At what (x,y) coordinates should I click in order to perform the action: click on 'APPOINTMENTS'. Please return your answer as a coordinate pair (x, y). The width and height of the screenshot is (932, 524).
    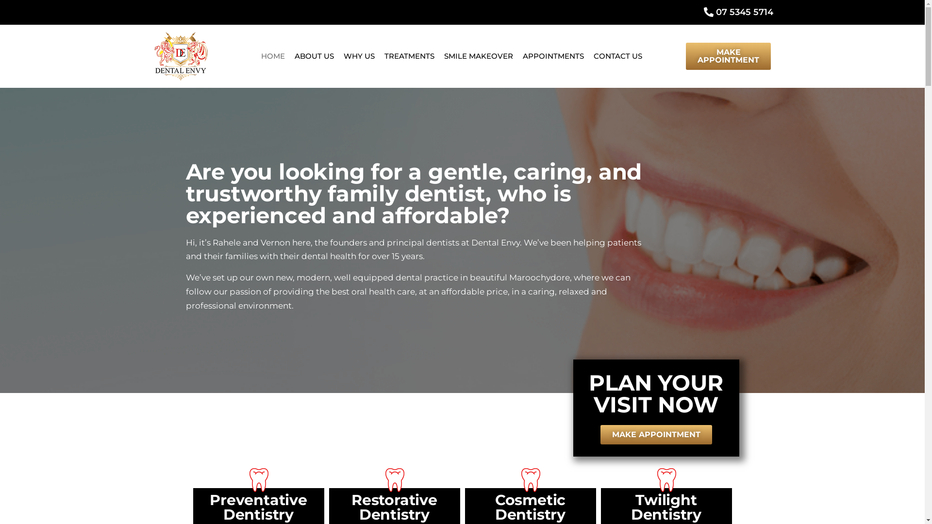
    Looking at the image, I should click on (553, 56).